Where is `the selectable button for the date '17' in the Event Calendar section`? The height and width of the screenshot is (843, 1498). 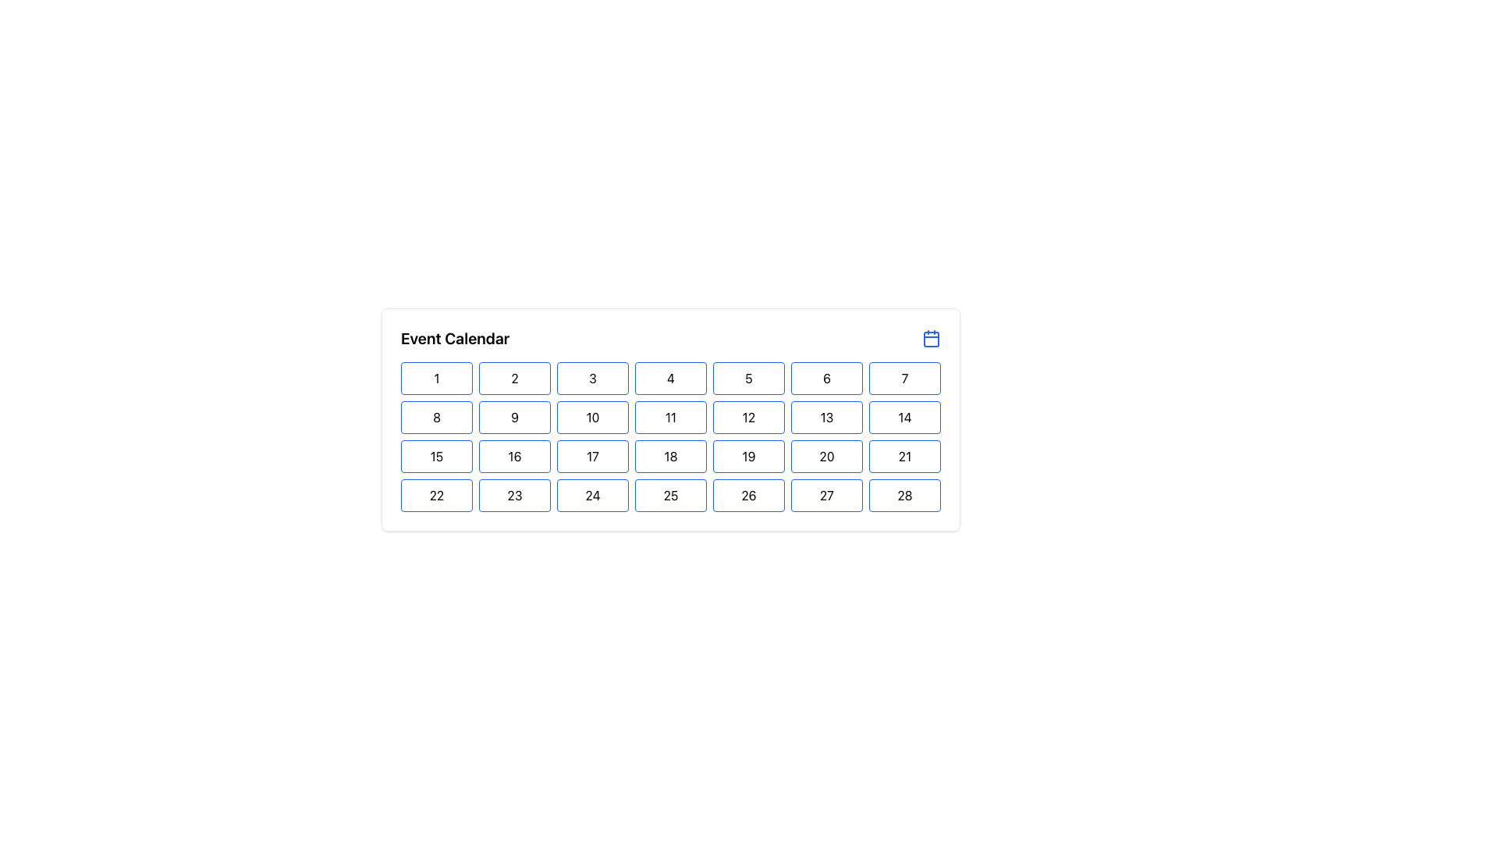
the selectable button for the date '17' in the Event Calendar section is located at coordinates (591, 457).